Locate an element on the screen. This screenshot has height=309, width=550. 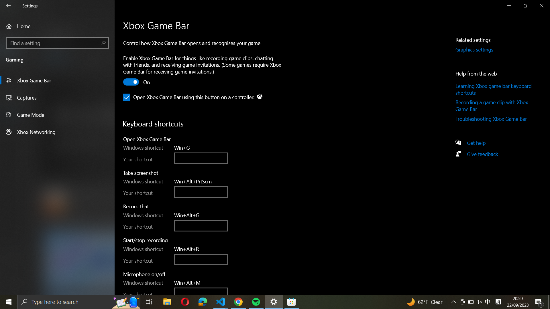
the "Get Help" page is located at coordinates (479, 142).